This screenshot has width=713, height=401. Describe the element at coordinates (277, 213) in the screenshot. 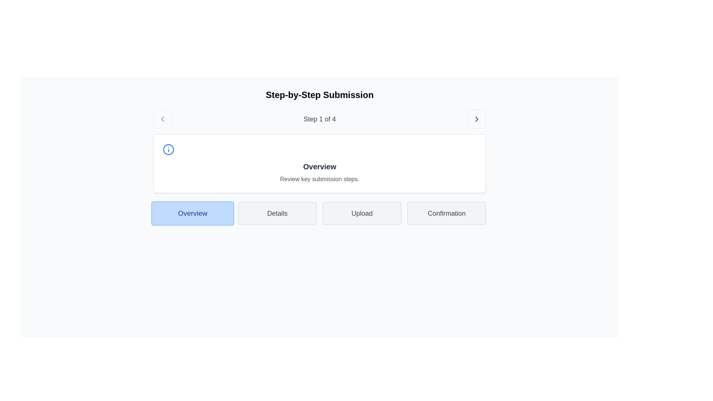

I see `static text label titled 'Details' that indicates a navigation step in a multi-step process interface, prominently positioned in a horizontal layout of buttons` at that location.